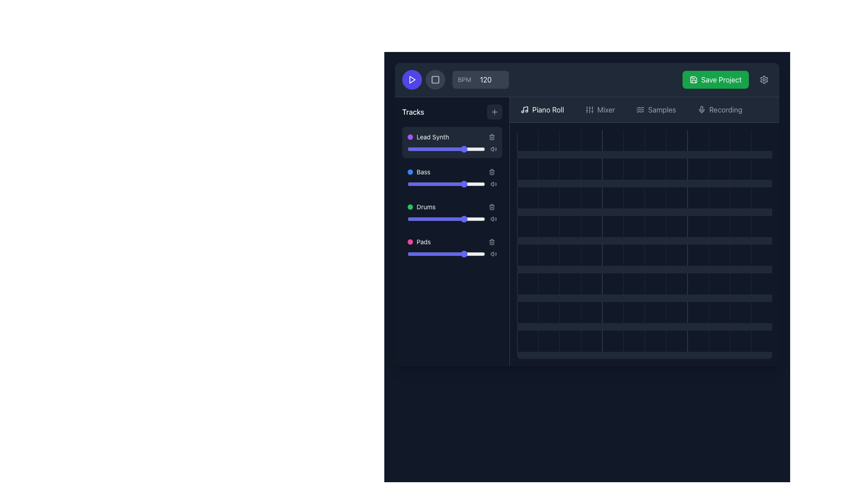 This screenshot has height=484, width=861. I want to click on the 12th tile in the second row of a grid layout, which has a dark gray to black background and changes to a lighter gray on hover, so click(761, 169).